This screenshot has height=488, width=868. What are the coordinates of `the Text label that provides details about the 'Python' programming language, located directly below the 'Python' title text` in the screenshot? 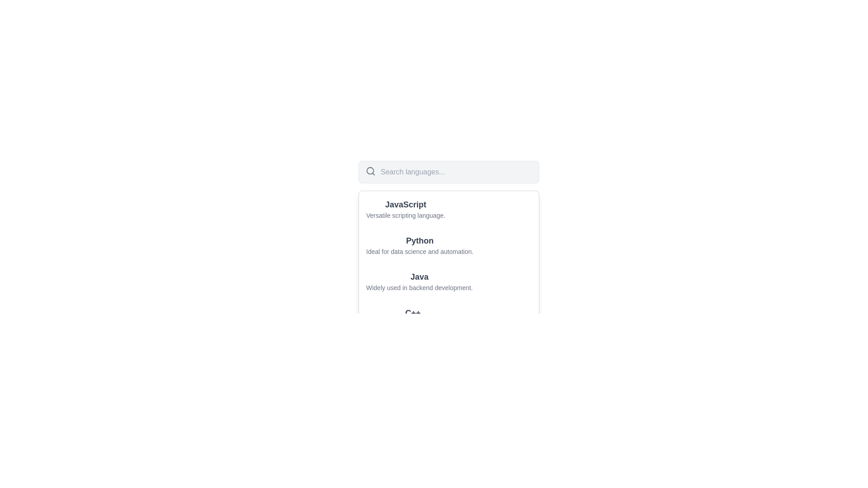 It's located at (419, 251).